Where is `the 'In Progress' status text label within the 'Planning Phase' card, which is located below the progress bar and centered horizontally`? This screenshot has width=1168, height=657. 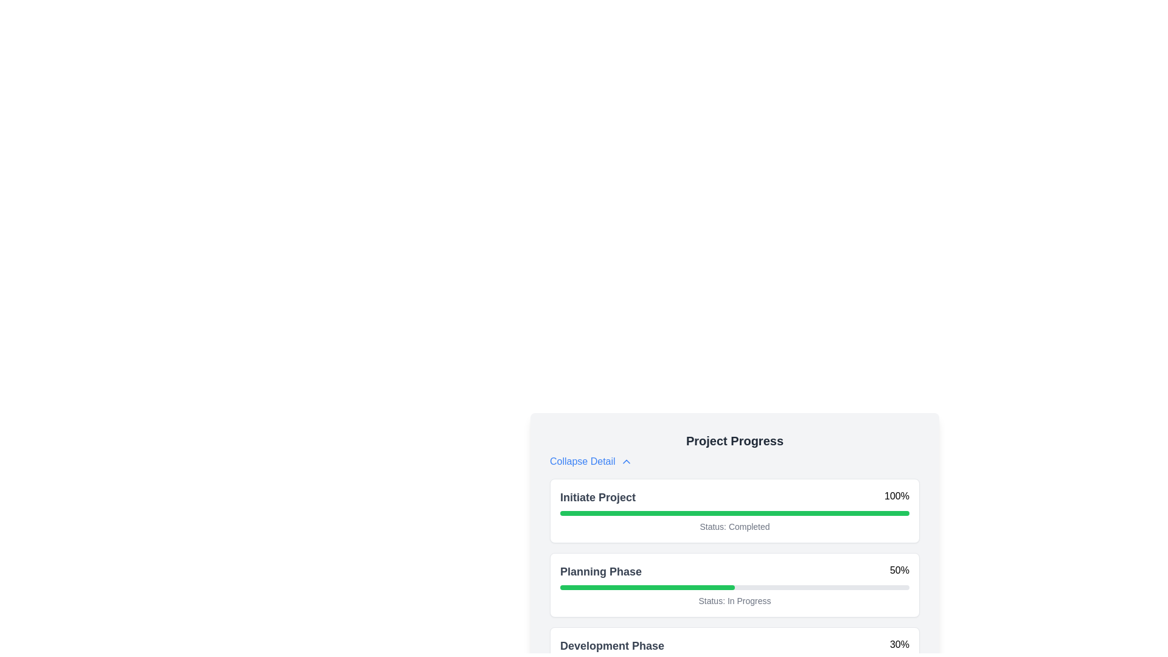
the 'In Progress' status text label within the 'Planning Phase' card, which is located below the progress bar and centered horizontally is located at coordinates (734, 600).